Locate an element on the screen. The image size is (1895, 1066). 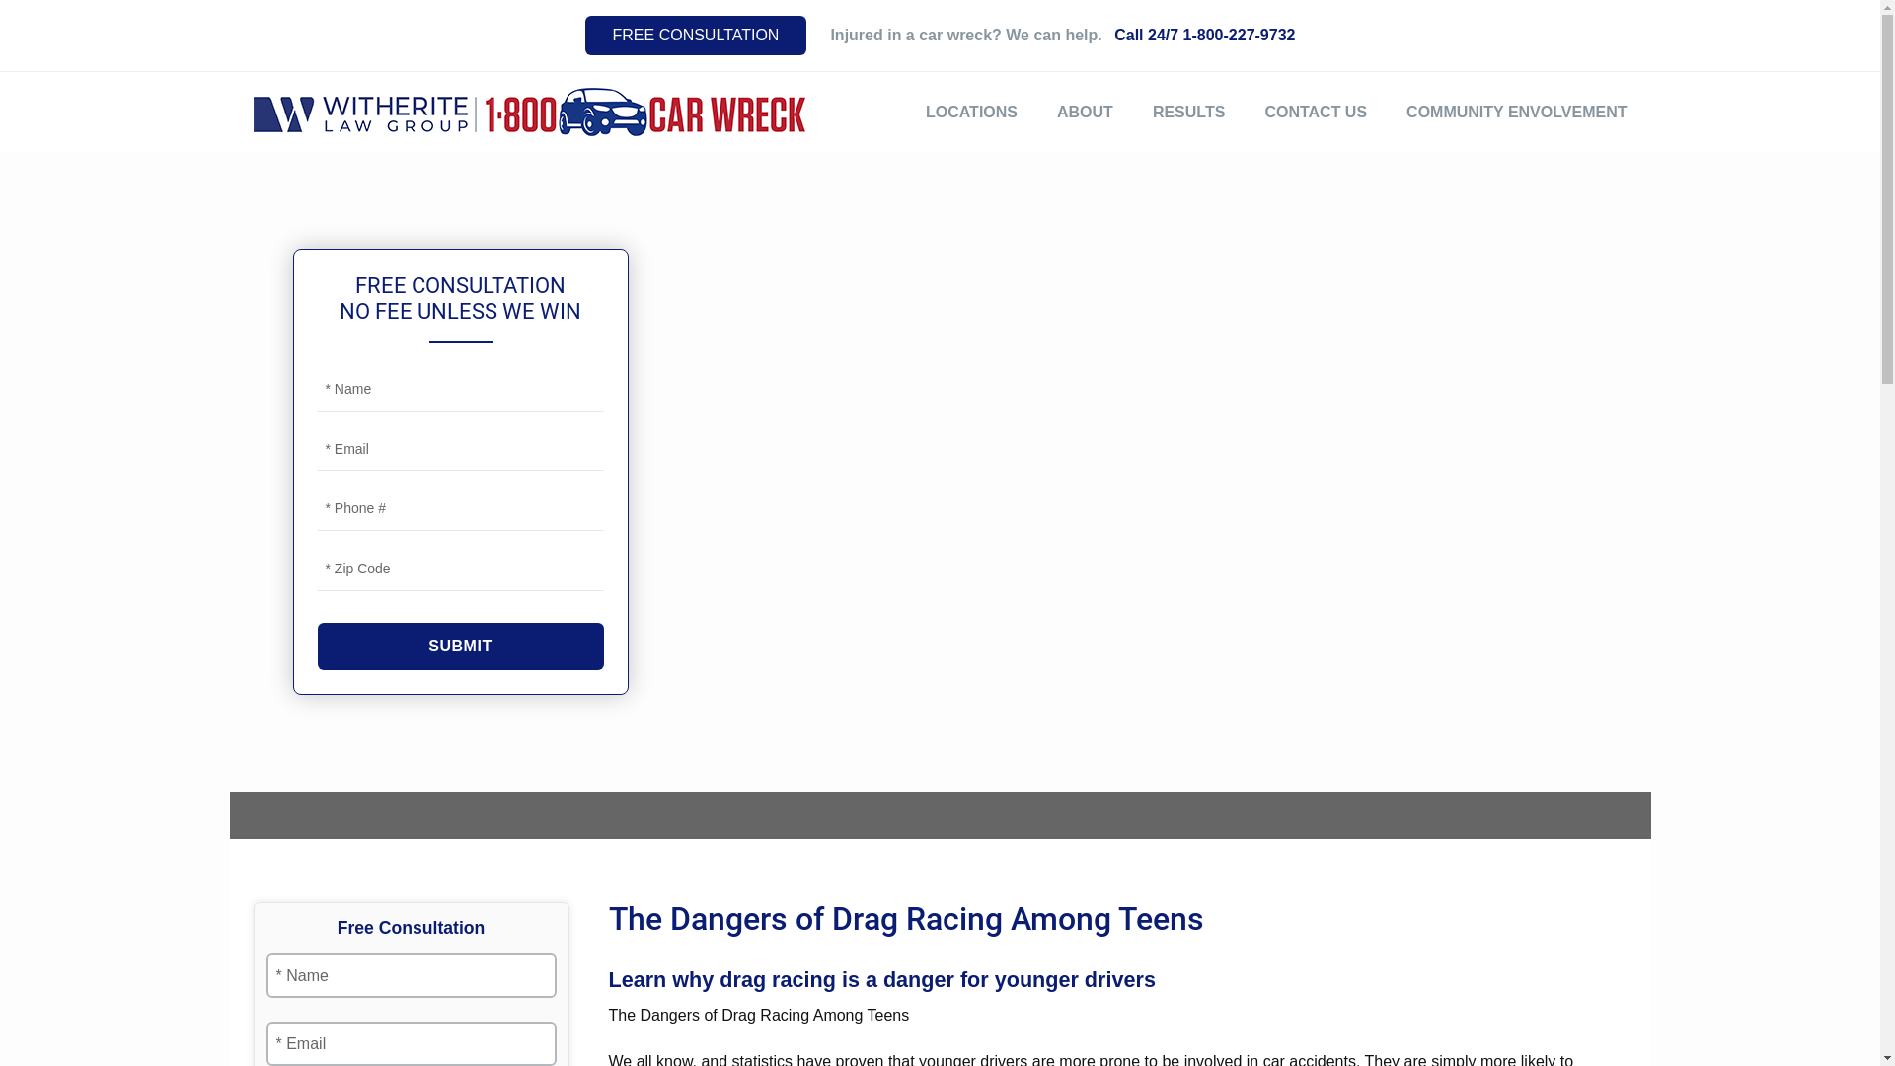
'SUBMIT' is located at coordinates (459, 647).